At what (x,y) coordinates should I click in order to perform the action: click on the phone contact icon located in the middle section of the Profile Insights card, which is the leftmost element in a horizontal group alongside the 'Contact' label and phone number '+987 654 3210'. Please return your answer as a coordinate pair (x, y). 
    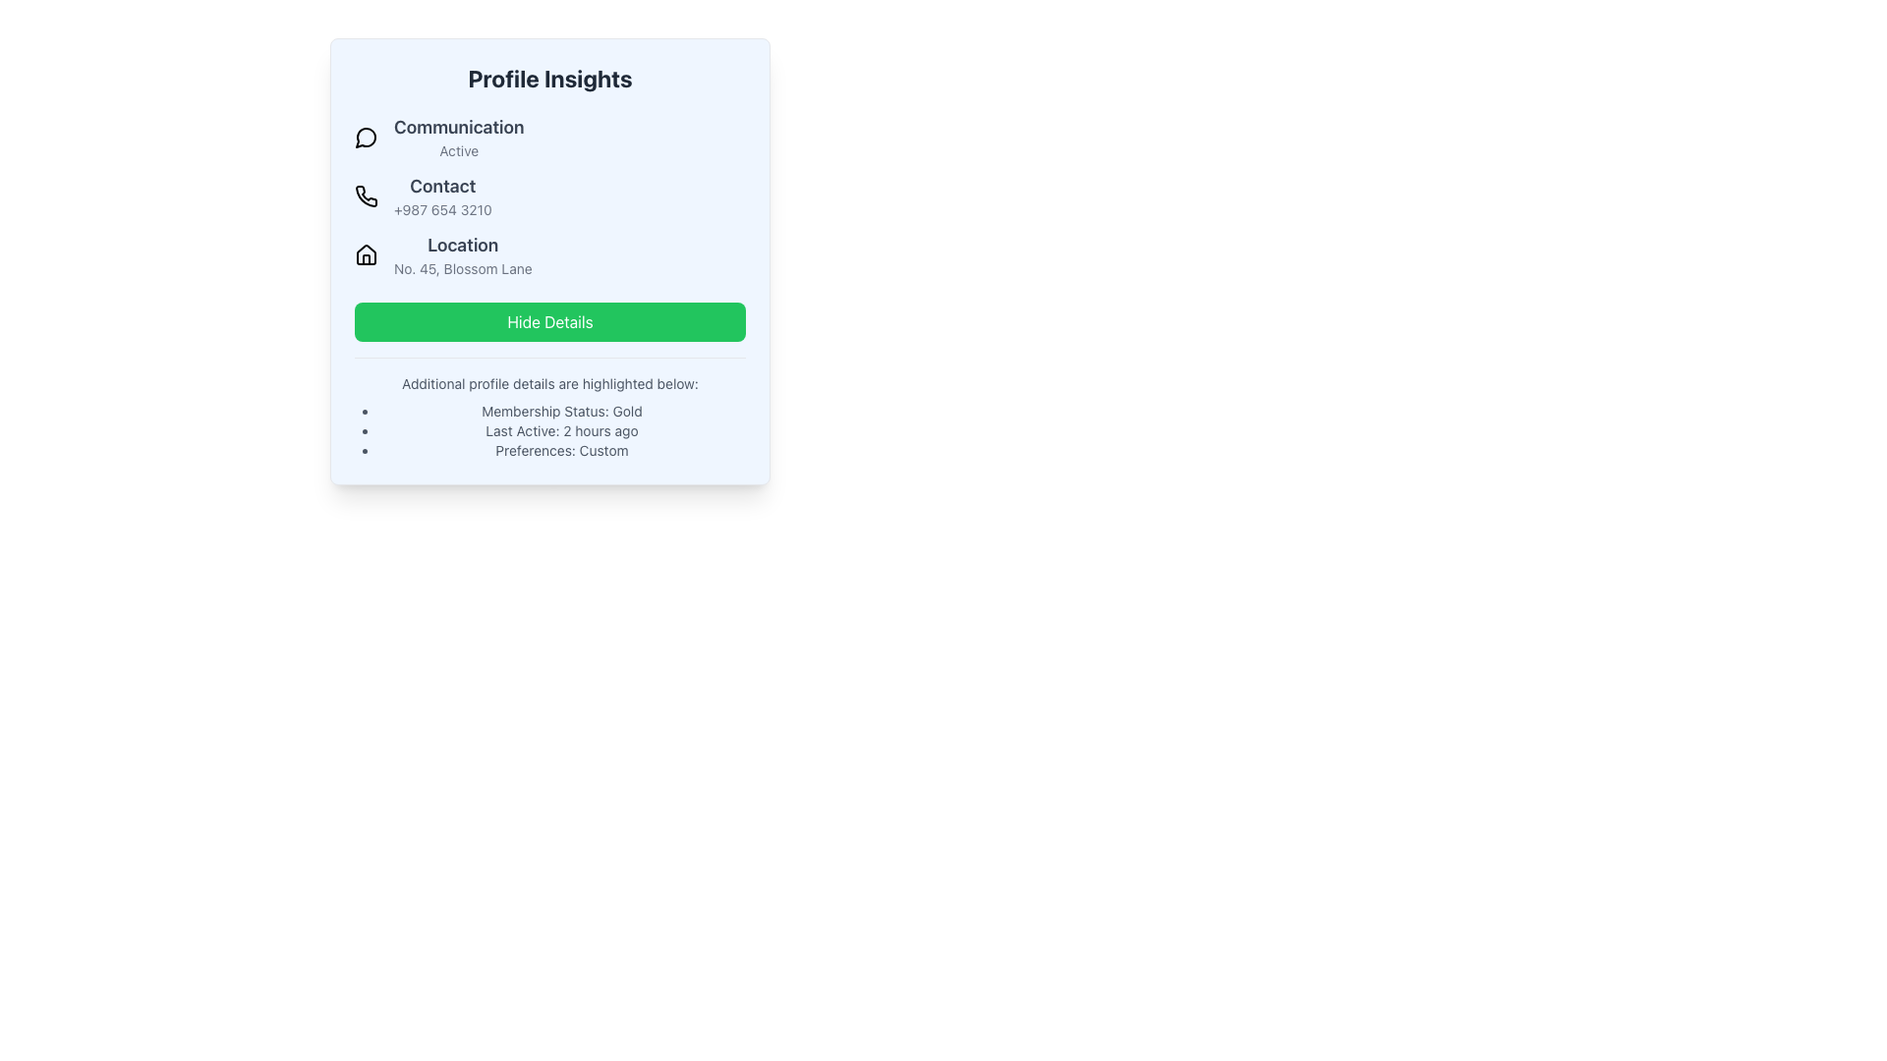
    Looking at the image, I should click on (367, 196).